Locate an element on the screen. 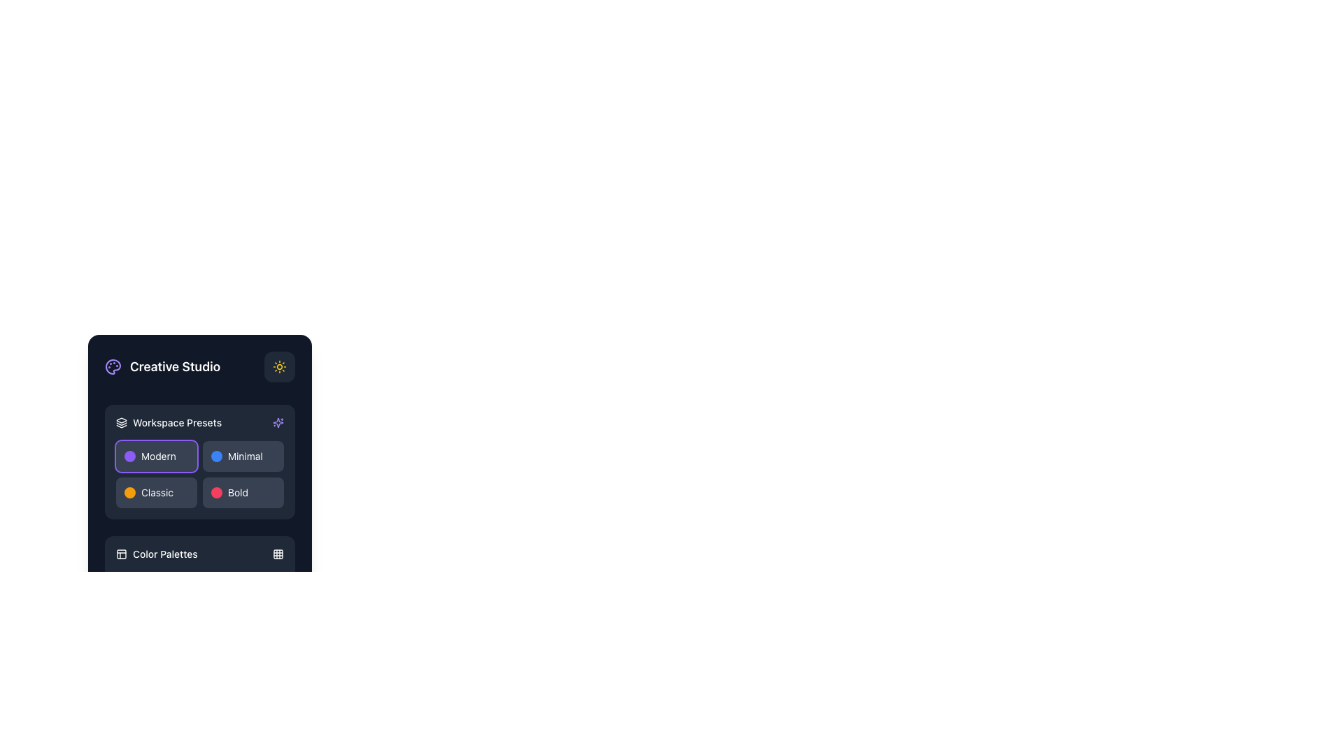 This screenshot has width=1343, height=755. the icon located to the left of the 'Color Palettes' text in the lower portion of the interface panel is located at coordinates (121, 554).